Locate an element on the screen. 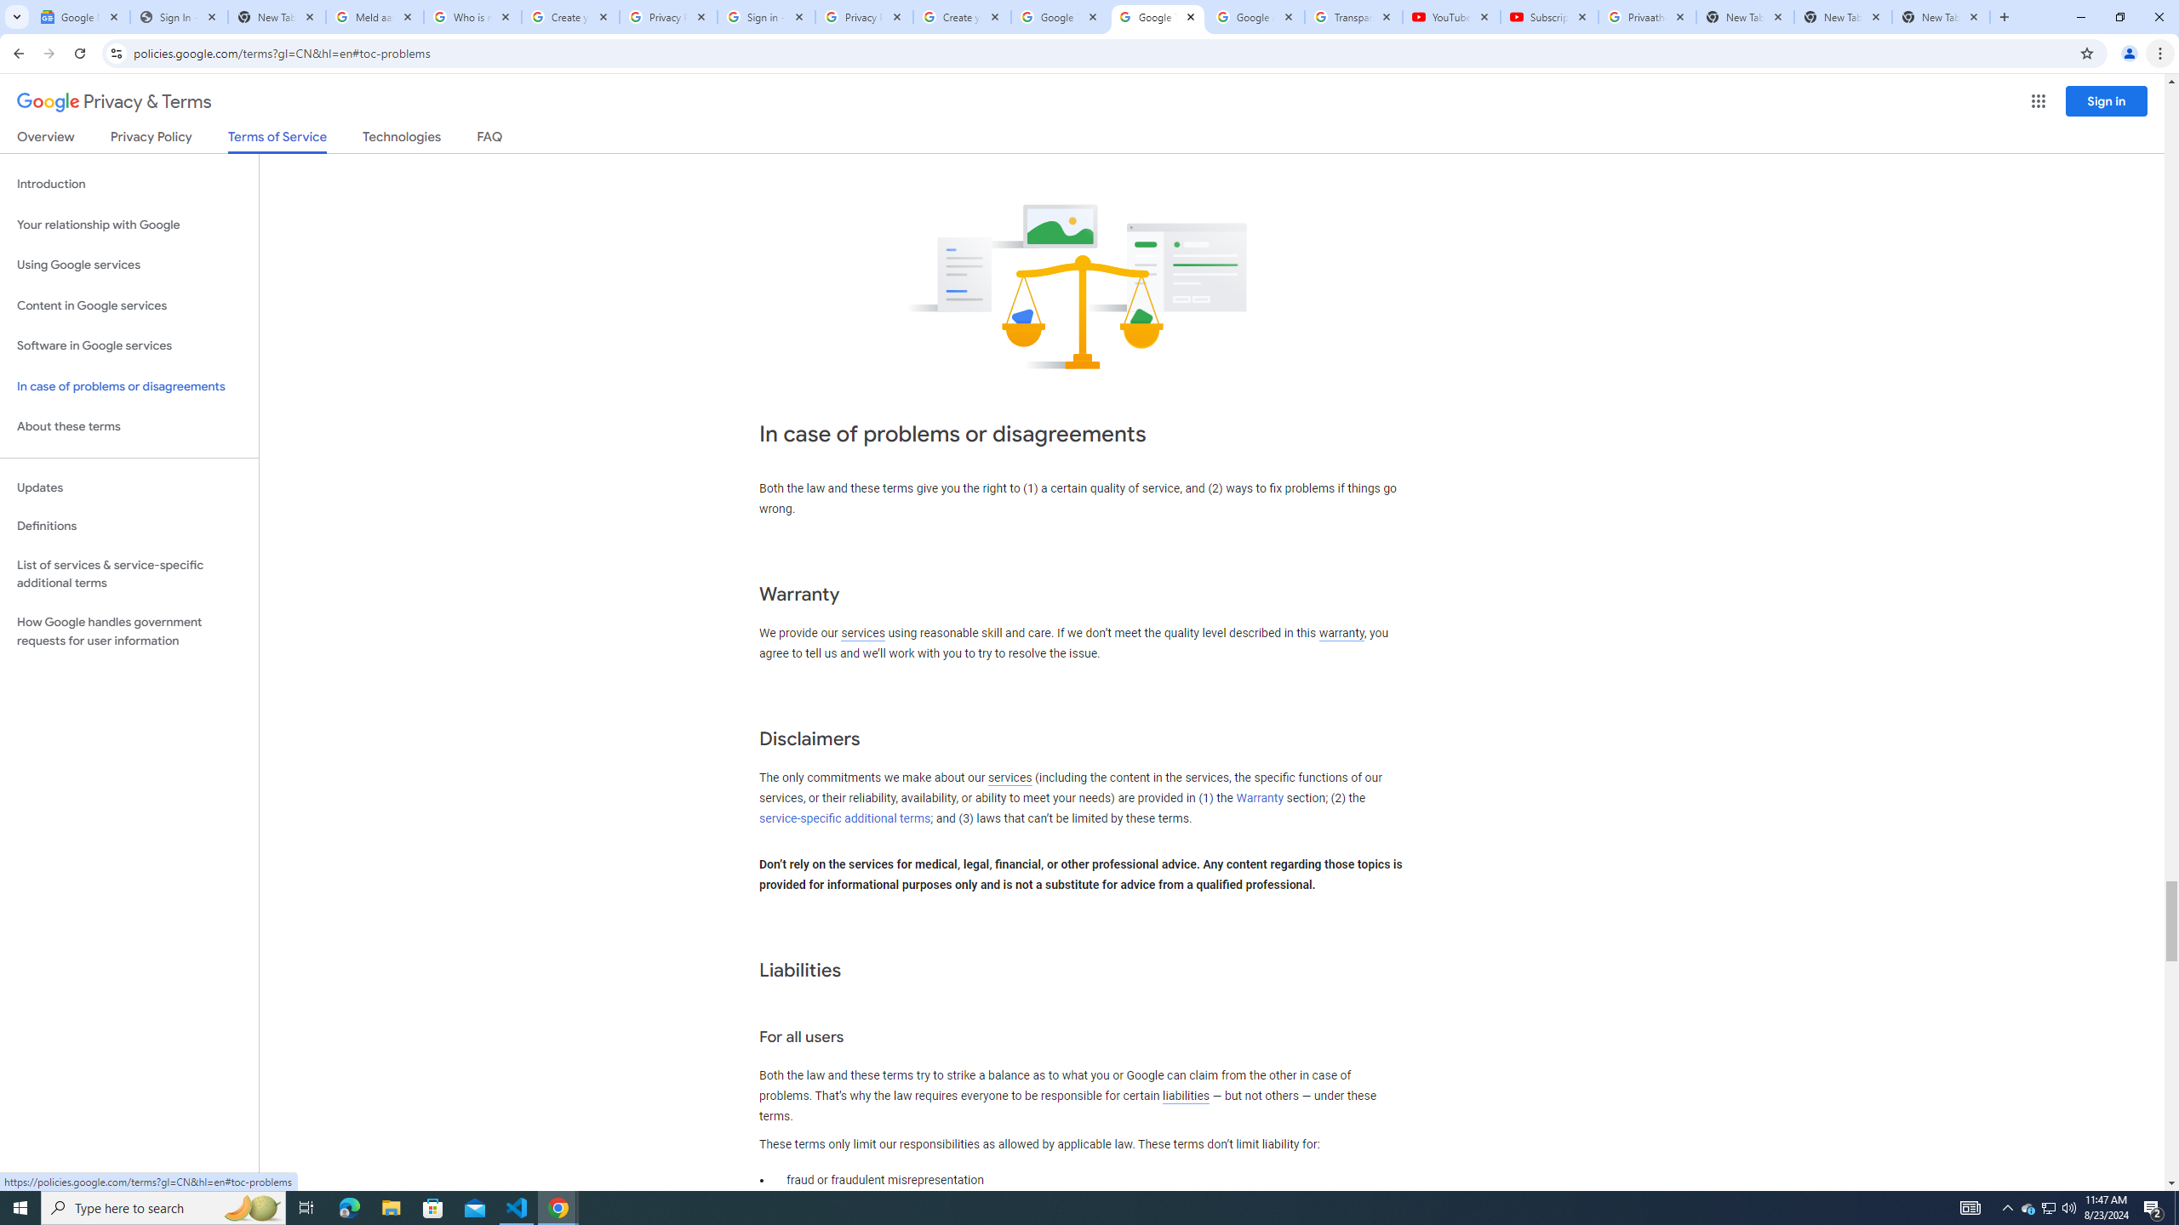 This screenshot has height=1225, width=2179. 'Sign in - Google Accounts' is located at coordinates (766, 16).